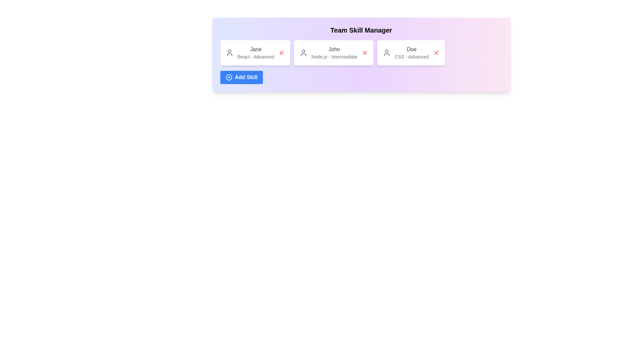 This screenshot has height=359, width=639. Describe the element at coordinates (436, 52) in the screenshot. I see `'Remove Skill' button for the skill associated with CSS - Advanced` at that location.